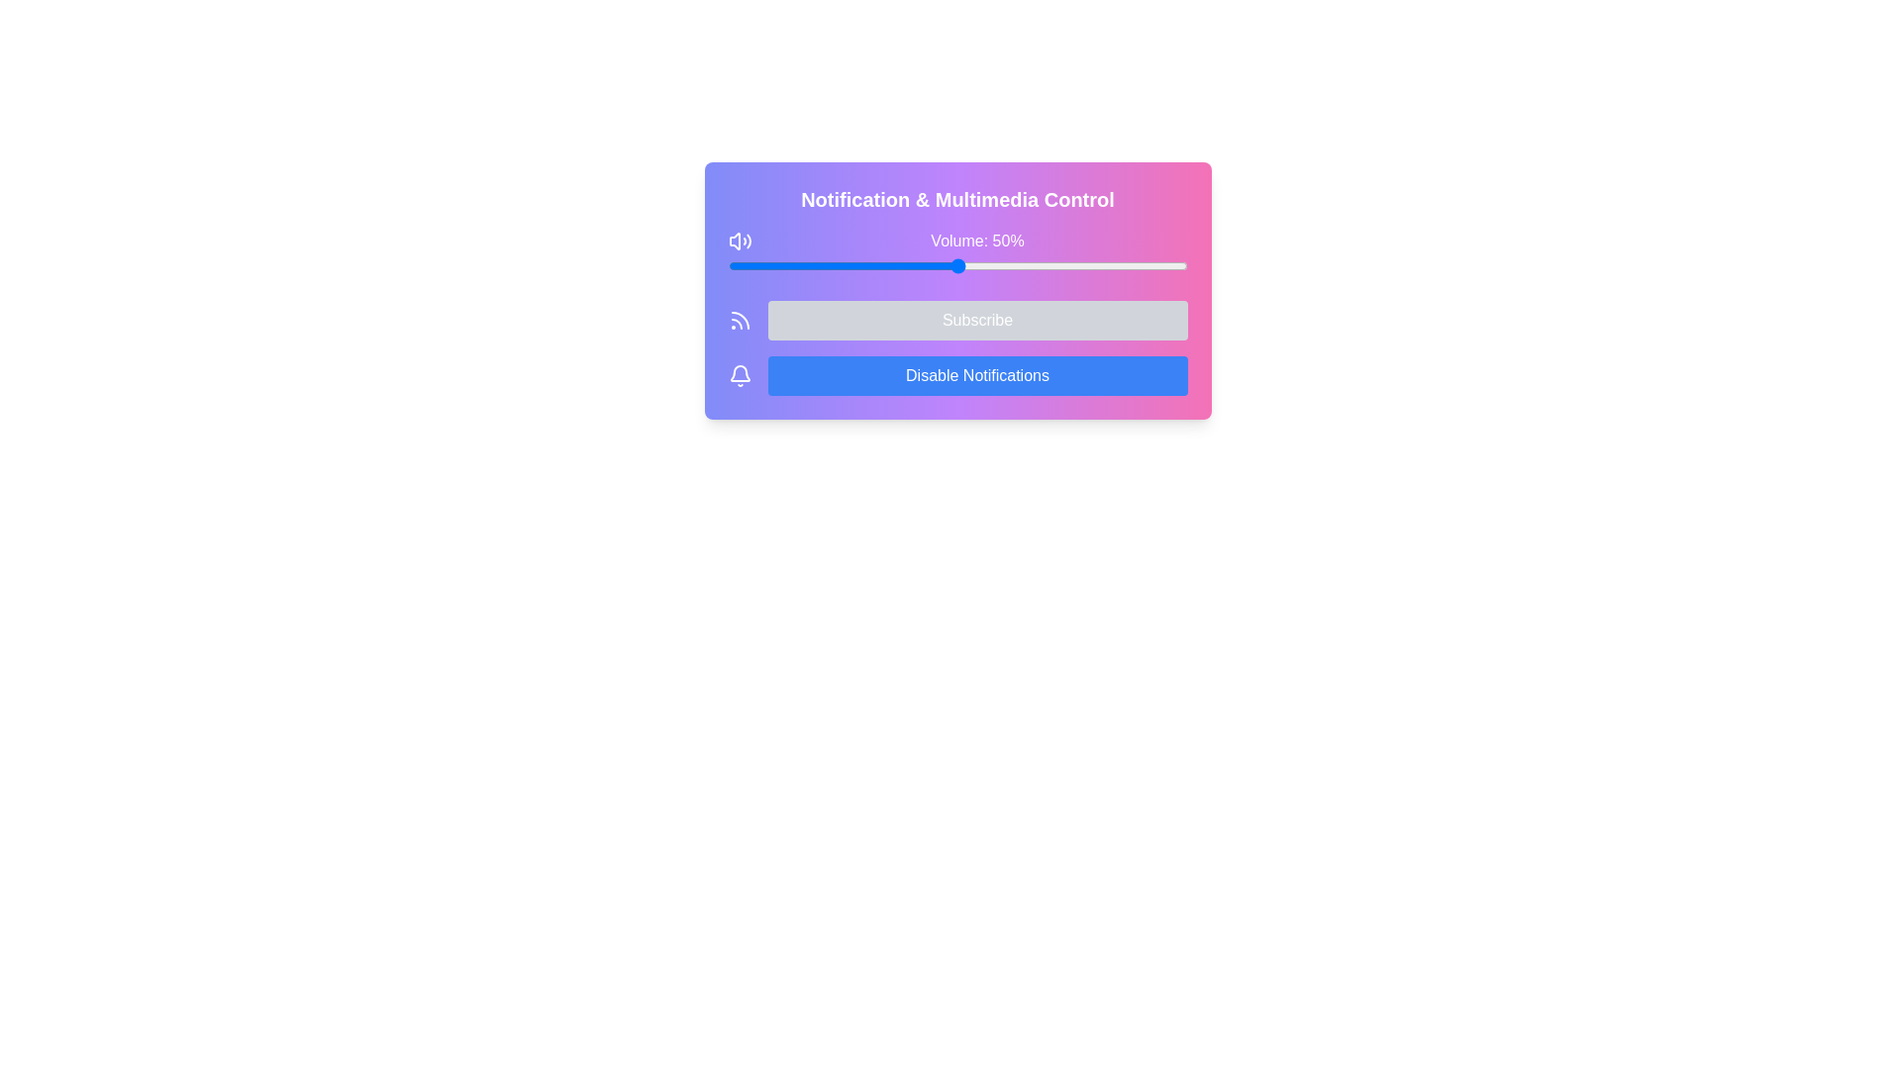  Describe the element at coordinates (957, 265) in the screenshot. I see `the sleek horizontal range slider bar located under the text 'Volume: 50%' to set the volume` at that location.